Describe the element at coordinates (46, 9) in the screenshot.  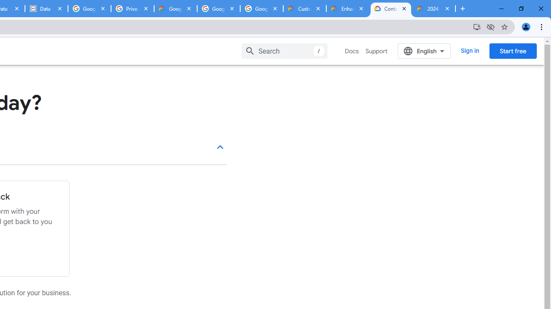
I see `'Data Privacy Framework'` at that location.